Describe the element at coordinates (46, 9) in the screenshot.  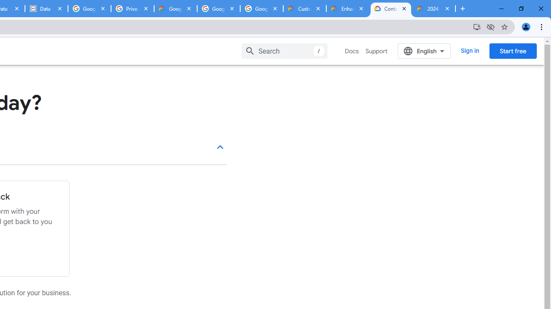
I see `'Data Privacy Framework'` at that location.